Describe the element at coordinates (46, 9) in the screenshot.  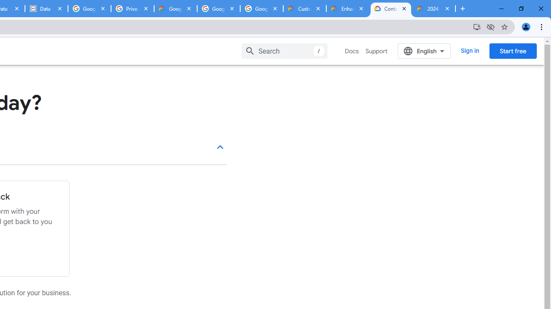
I see `'Data Privacy Framework'` at that location.